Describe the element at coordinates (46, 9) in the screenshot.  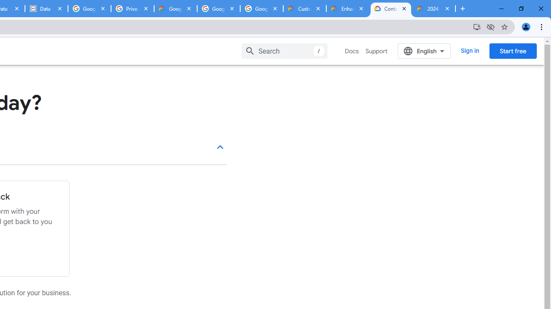
I see `'Data Privacy Framework'` at that location.